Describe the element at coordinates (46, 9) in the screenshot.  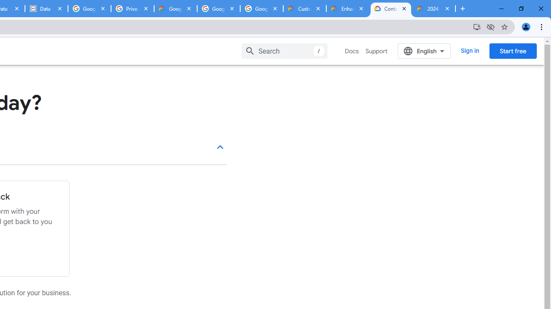
I see `'Data Privacy Framework'` at that location.